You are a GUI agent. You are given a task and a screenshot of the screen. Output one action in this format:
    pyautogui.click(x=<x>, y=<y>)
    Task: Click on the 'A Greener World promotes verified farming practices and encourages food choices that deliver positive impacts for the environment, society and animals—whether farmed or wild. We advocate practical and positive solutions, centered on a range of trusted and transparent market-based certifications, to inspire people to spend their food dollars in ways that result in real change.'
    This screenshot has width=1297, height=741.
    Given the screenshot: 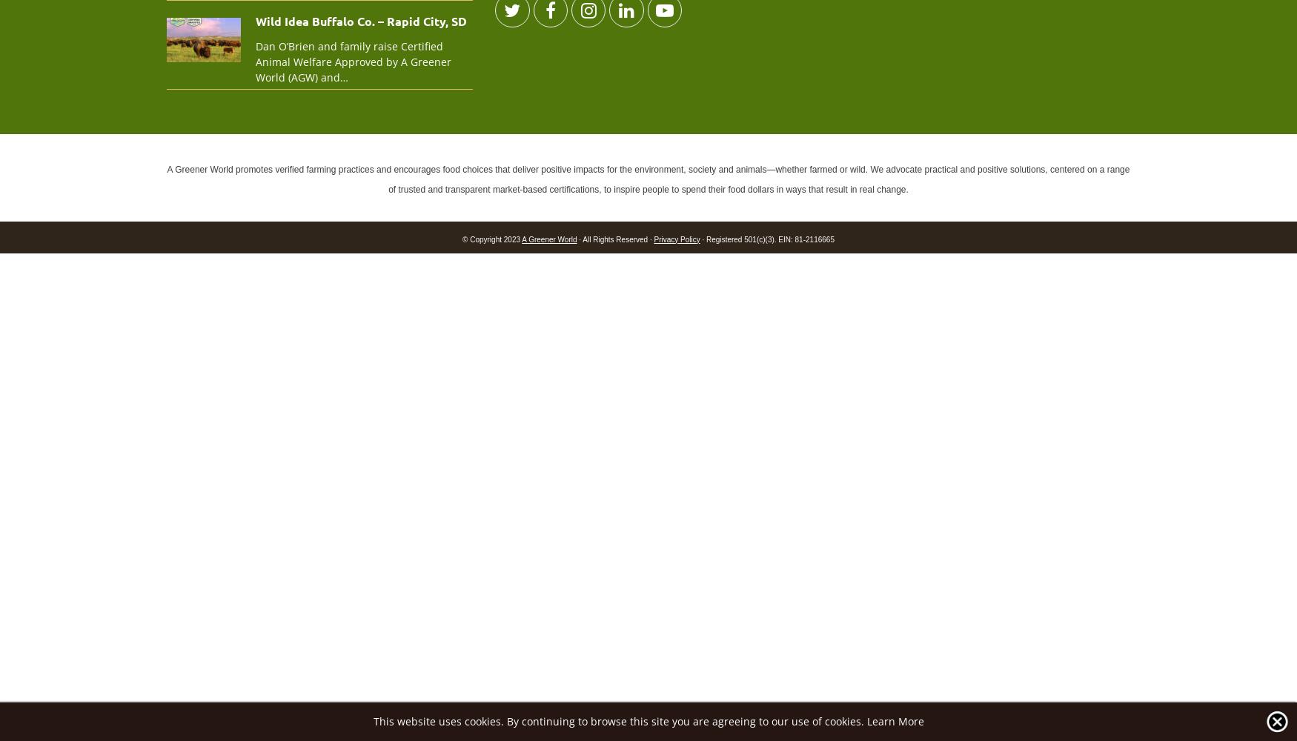 What is the action you would take?
    pyautogui.click(x=648, y=178)
    